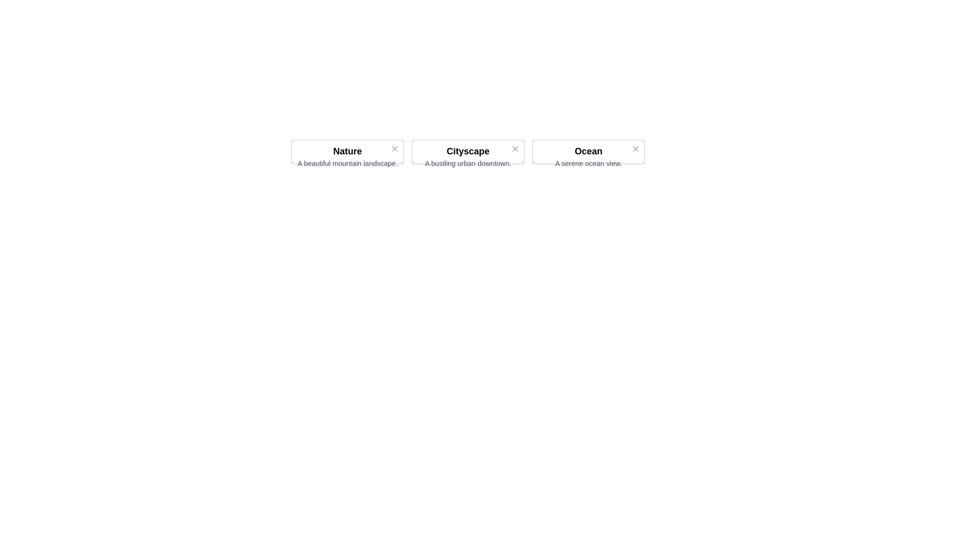  What do you see at coordinates (635, 148) in the screenshot?
I see `the close button located at the top-right corner of the 'Ocean' box` at bounding box center [635, 148].